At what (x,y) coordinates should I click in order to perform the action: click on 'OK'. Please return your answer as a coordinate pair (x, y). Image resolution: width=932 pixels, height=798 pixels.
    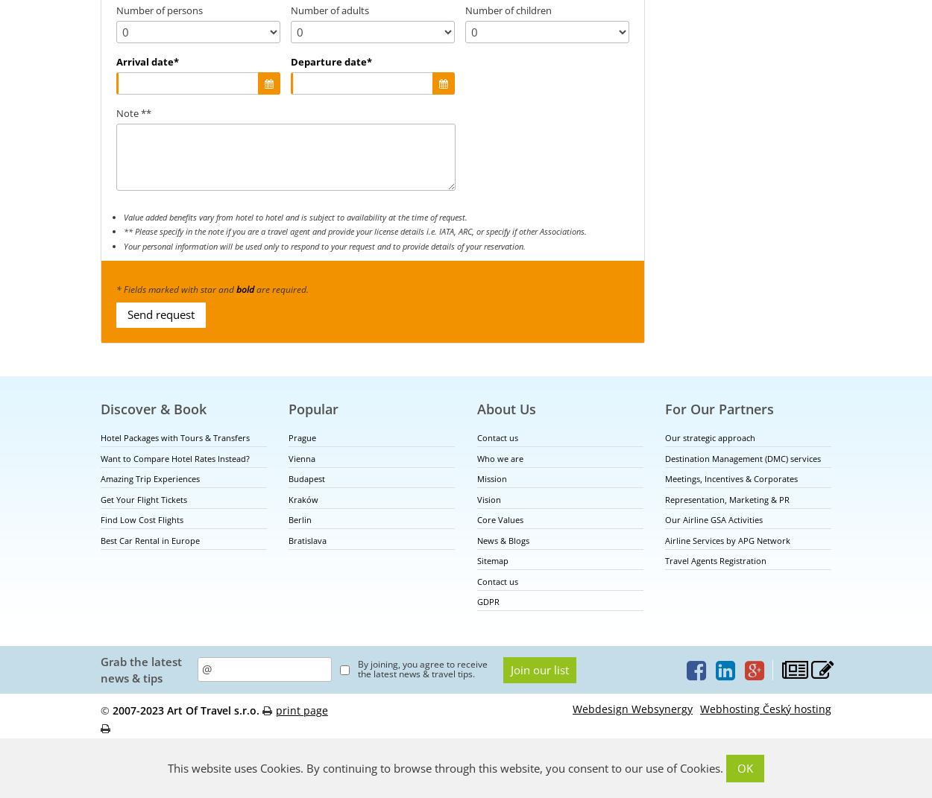
    Looking at the image, I should click on (744, 768).